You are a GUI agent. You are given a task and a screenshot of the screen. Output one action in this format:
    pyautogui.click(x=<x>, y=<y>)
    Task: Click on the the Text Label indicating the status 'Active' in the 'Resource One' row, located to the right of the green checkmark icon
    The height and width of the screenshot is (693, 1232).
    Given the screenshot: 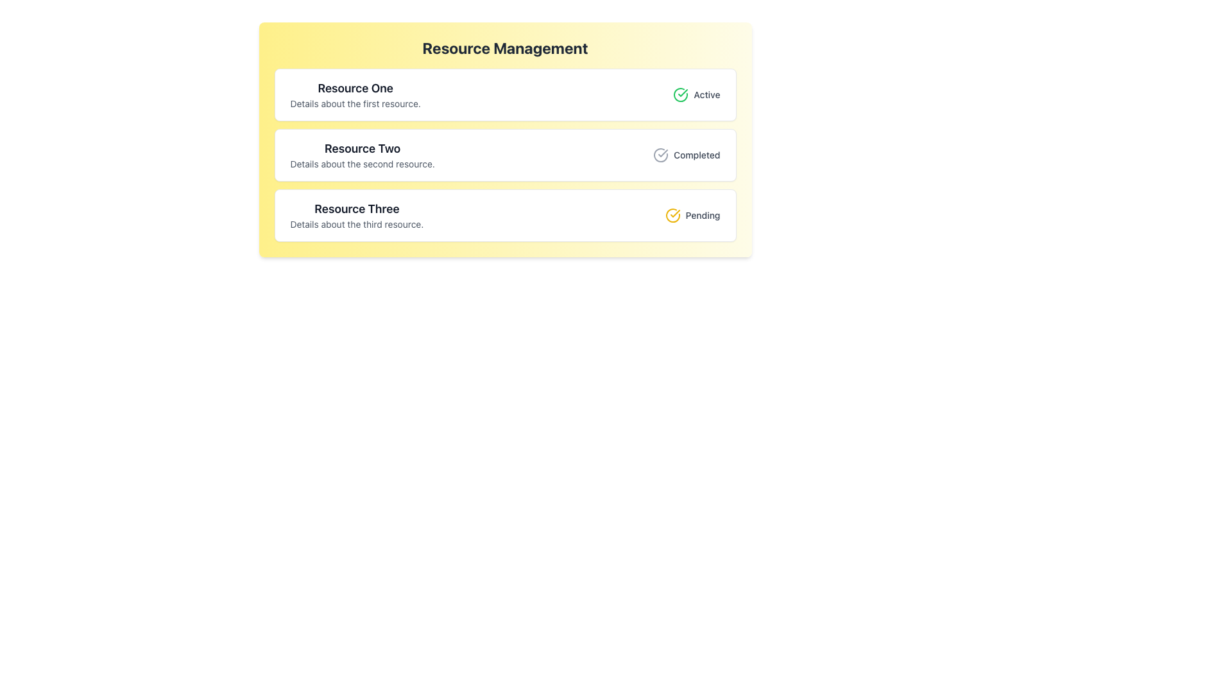 What is the action you would take?
    pyautogui.click(x=706, y=94)
    